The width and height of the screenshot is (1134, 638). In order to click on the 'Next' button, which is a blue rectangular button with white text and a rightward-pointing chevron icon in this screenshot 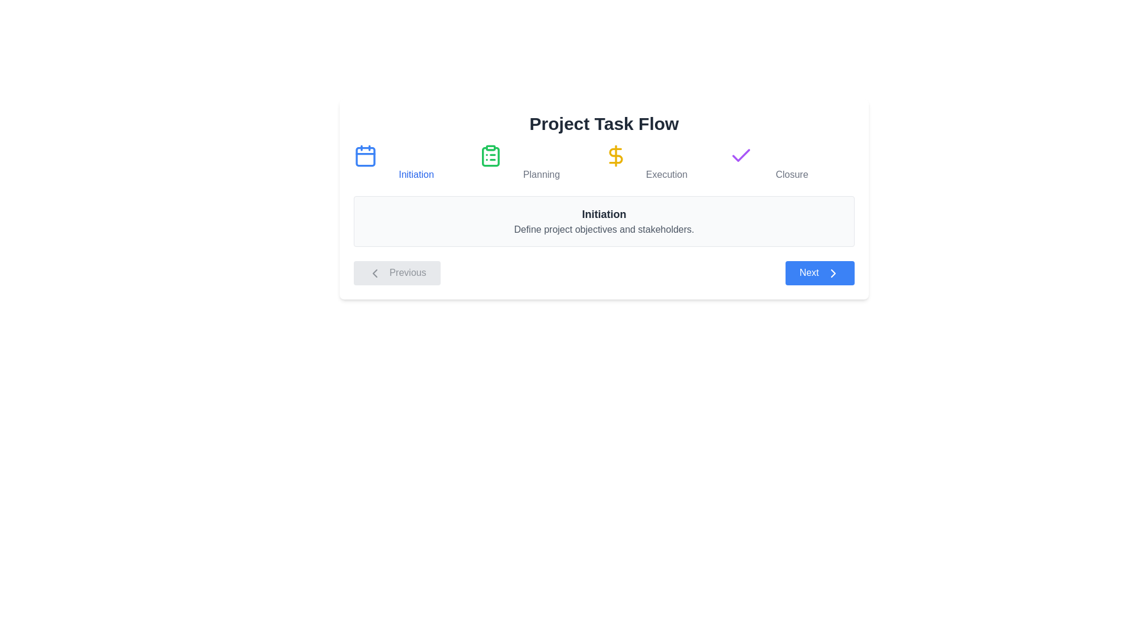, I will do `click(819, 273)`.